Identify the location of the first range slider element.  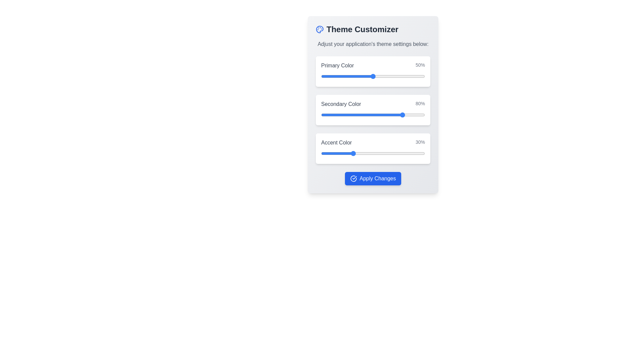
(372, 76).